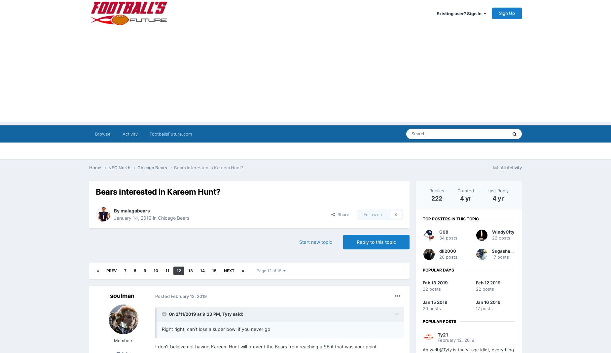  I want to click on 'I don't believe not having Kareem Hunt will prevent the Bears from reaching a SB if that was your point.', so click(266, 346).